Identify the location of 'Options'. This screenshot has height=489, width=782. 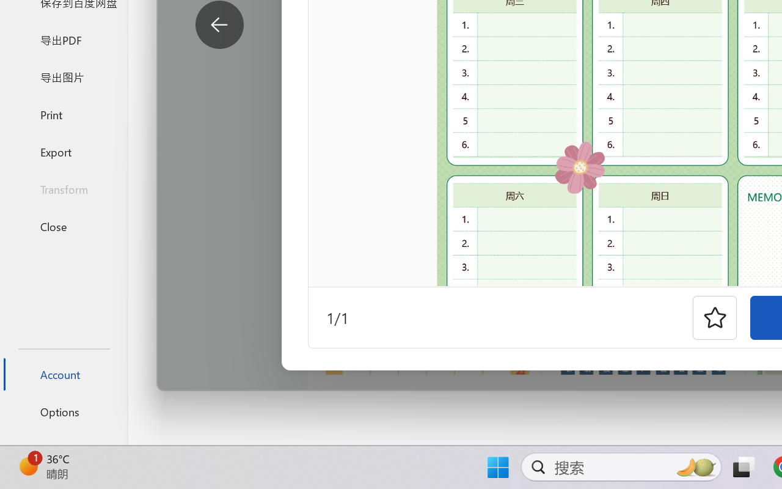
(63, 411).